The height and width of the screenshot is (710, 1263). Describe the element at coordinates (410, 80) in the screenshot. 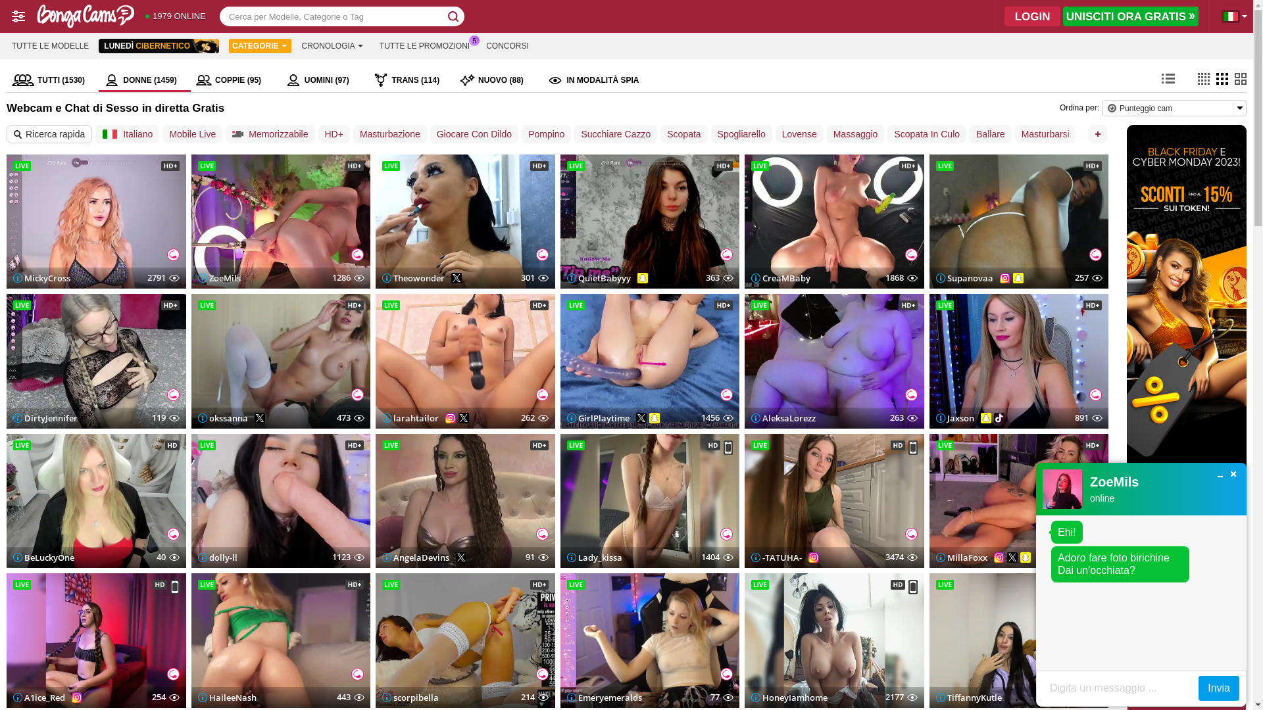

I see `'TRANS (114)'` at that location.